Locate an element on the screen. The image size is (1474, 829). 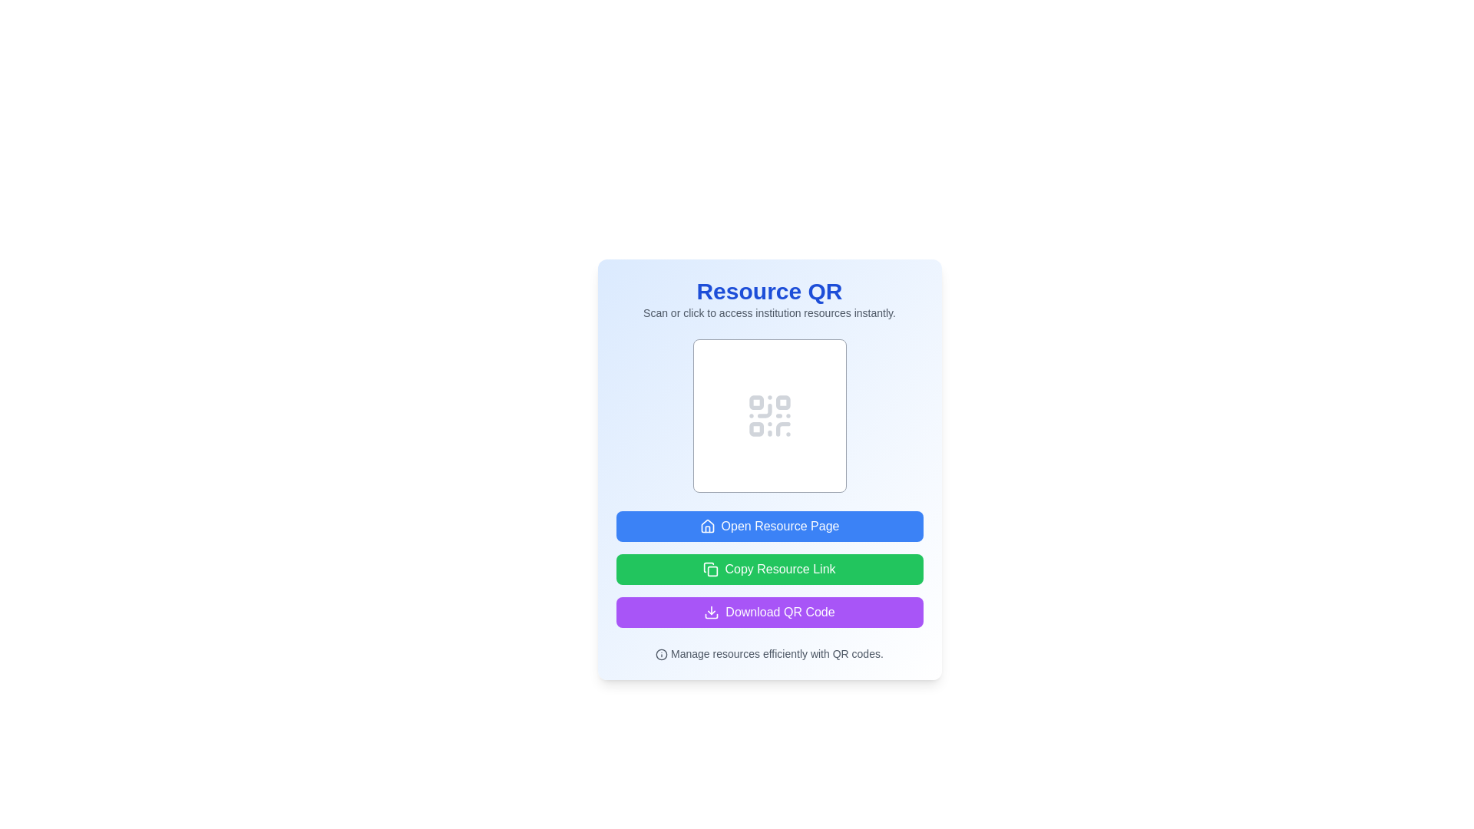
the Visual Placeholder that serves as a QR code representation, located centrally below the 'Resource QR' text and above the buttons for 'Open Resource Page,' 'Copy Resource Link,' and 'Download QR Code.' is located at coordinates (769, 416).